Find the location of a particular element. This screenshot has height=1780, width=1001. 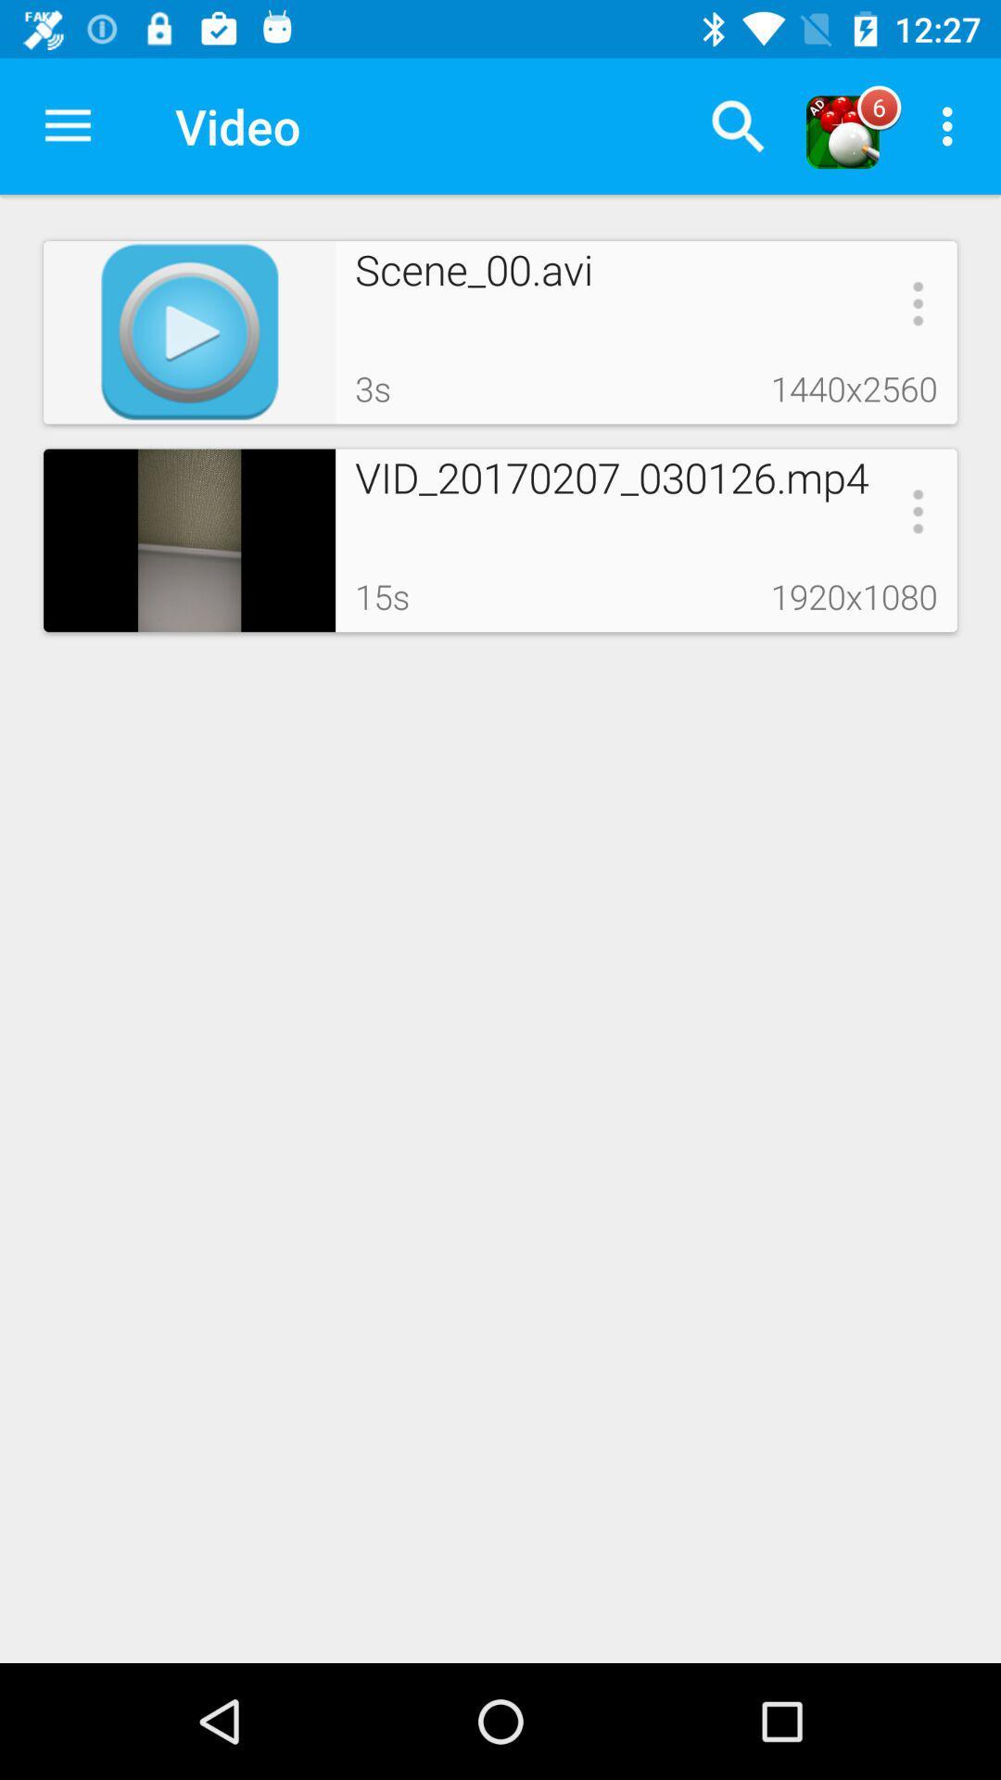

the icon next to the video icon is located at coordinates (737, 125).